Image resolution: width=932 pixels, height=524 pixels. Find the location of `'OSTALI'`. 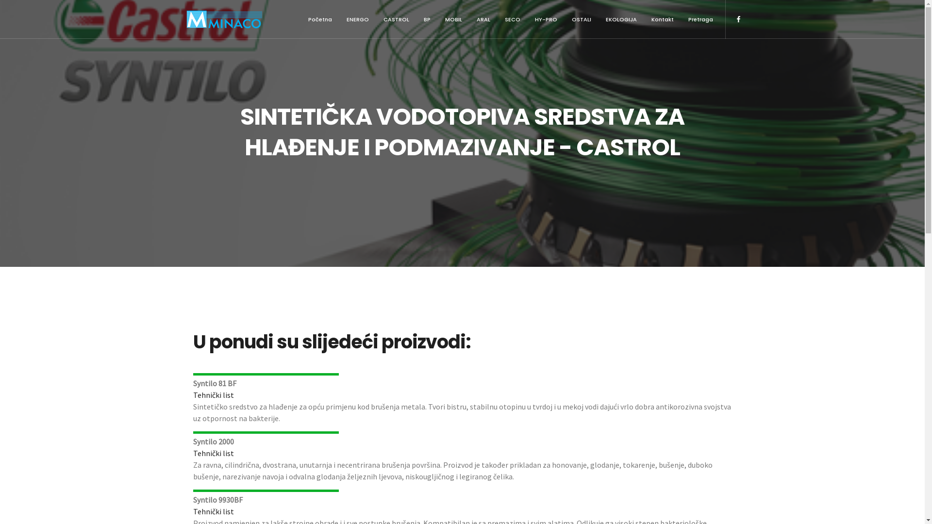

'OSTALI' is located at coordinates (564, 19).